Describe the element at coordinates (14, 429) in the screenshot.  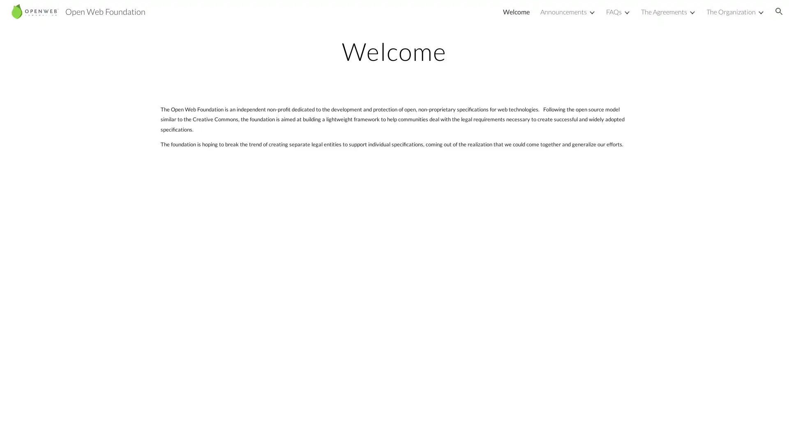
I see `Site actions` at that location.